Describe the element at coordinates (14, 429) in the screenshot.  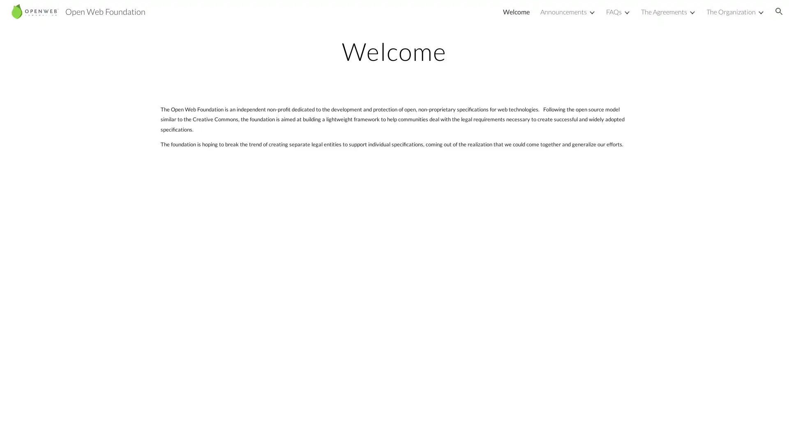
I see `Site actions` at that location.